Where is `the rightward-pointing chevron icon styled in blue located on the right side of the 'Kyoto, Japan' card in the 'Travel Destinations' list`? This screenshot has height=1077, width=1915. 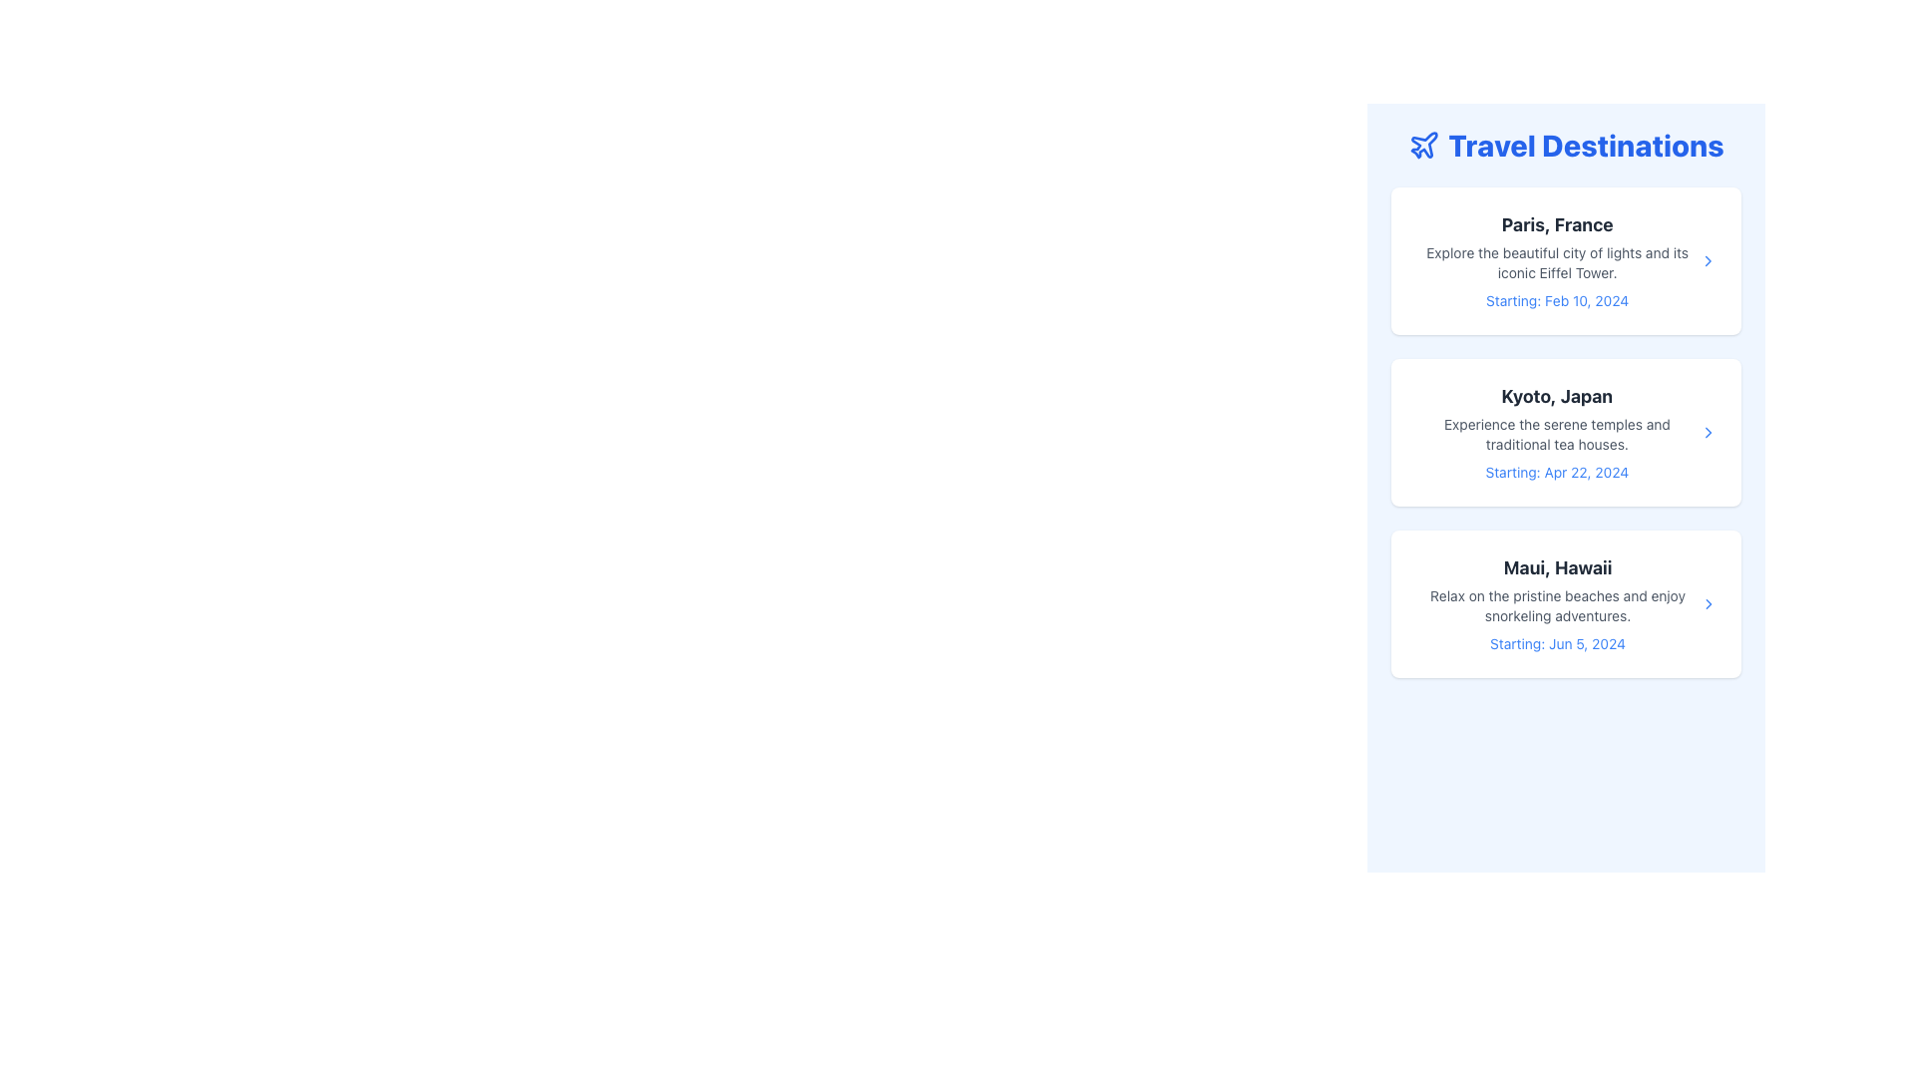 the rightward-pointing chevron icon styled in blue located on the right side of the 'Kyoto, Japan' card in the 'Travel Destinations' list is located at coordinates (1707, 432).